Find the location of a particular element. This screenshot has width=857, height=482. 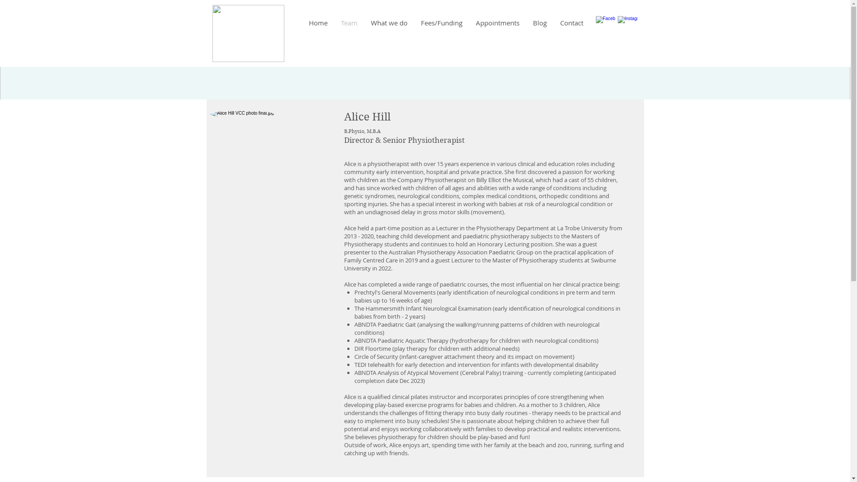

'Team' is located at coordinates (348, 22).